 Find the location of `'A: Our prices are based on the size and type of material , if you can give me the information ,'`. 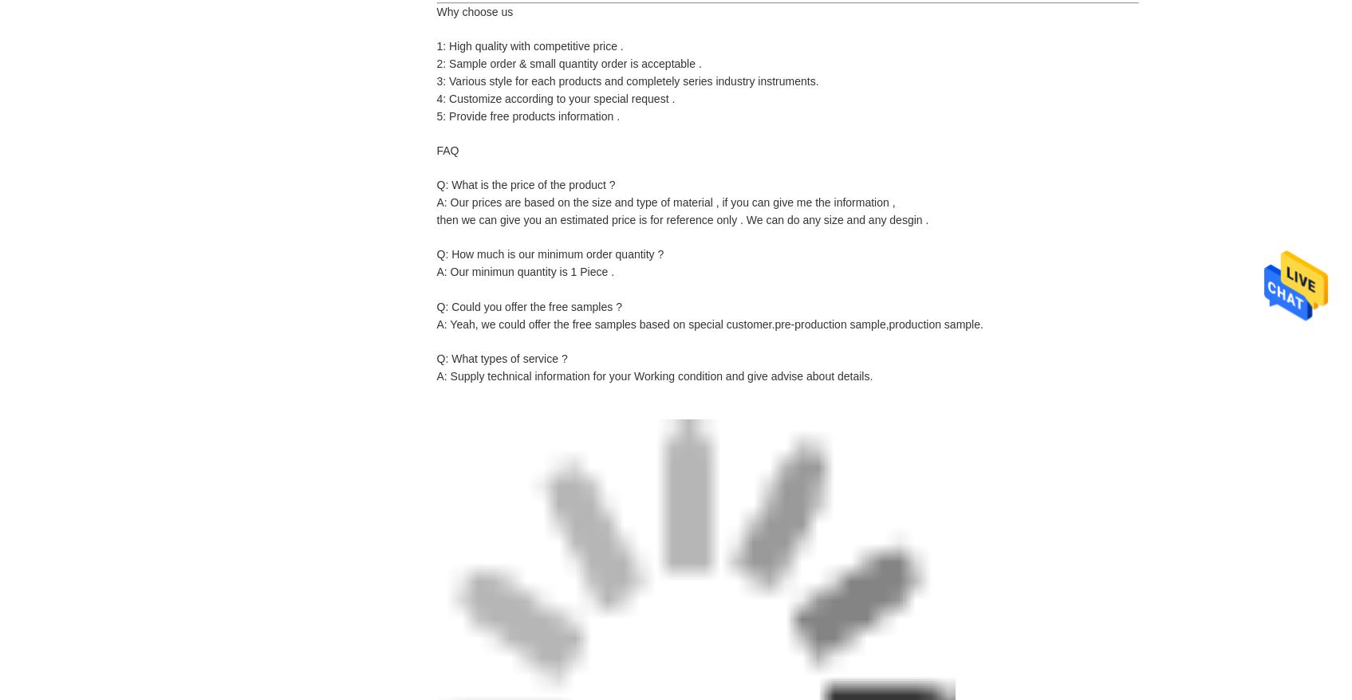

'A: Our prices are based on the size and type of material , if you can give me the information ,' is located at coordinates (665, 203).